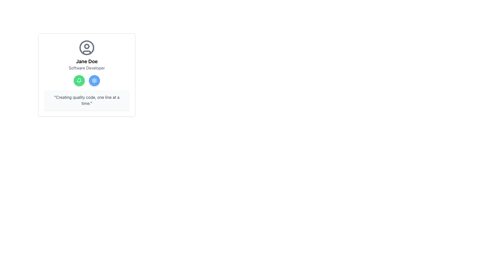 This screenshot has width=486, height=273. Describe the element at coordinates (87, 100) in the screenshot. I see `the static text block located at the bottom section of the profile card, which provides context or highlights the role of an individual` at that location.